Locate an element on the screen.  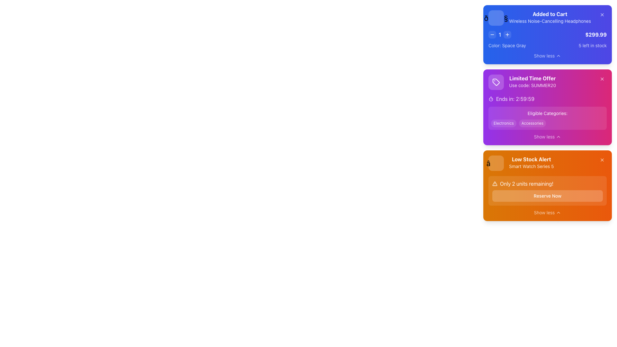
the small, white, horizontal minus icon button located in the top-left corner of the blue-colored notification card labeled 'Added to Cart' to decrement the quantity is located at coordinates (492, 35).